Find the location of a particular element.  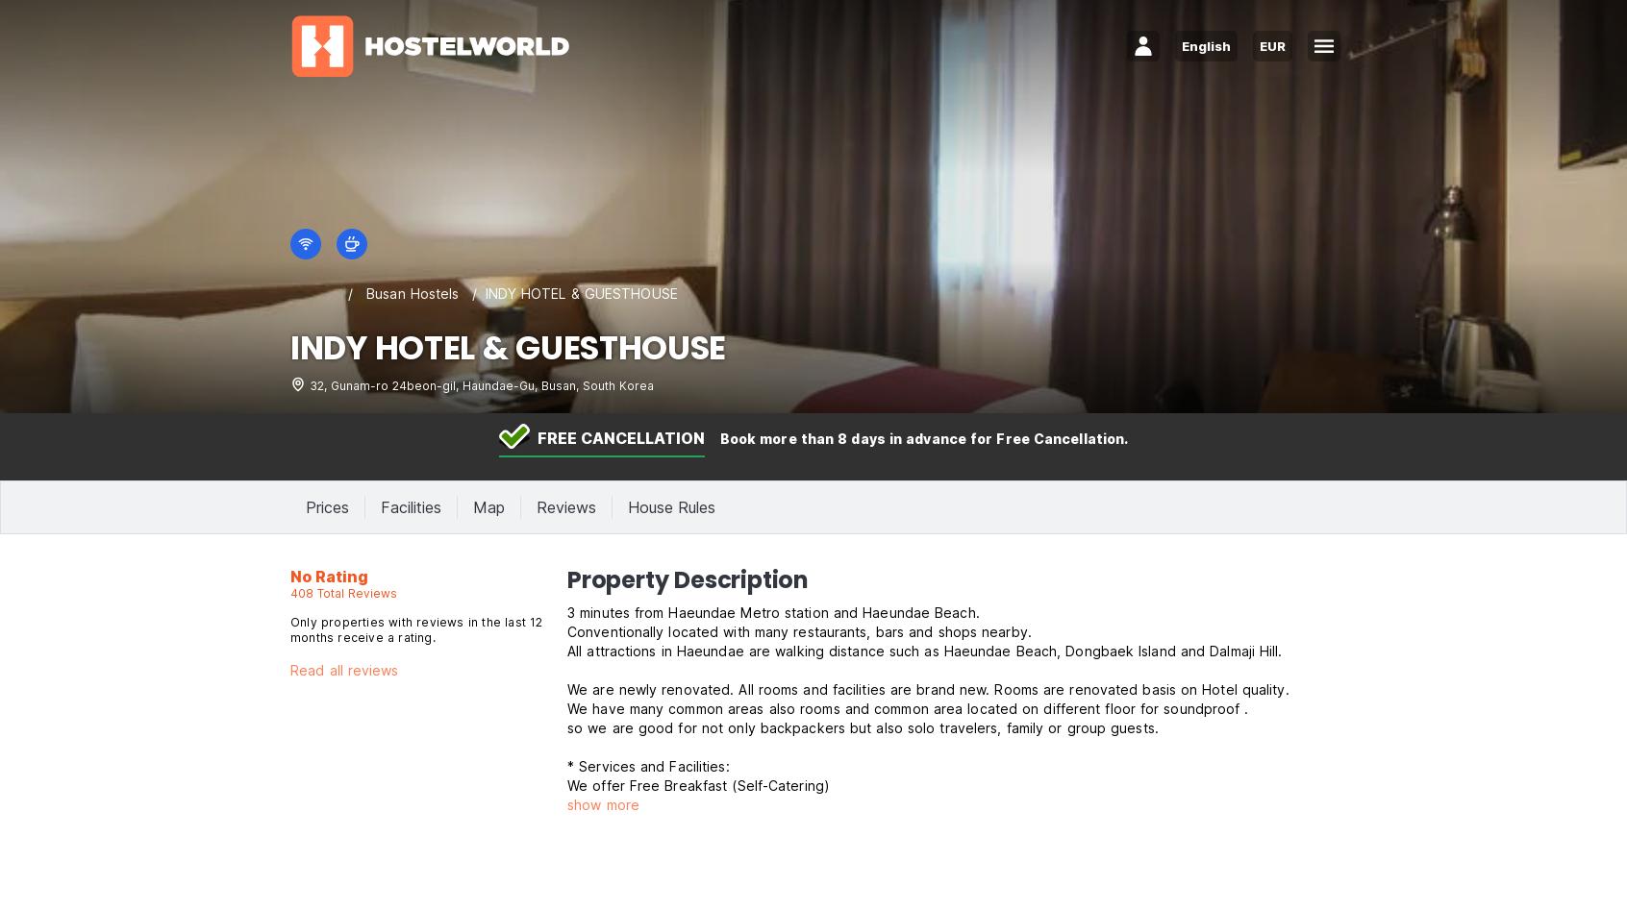

'* Services and Facilities:' is located at coordinates (647, 766).